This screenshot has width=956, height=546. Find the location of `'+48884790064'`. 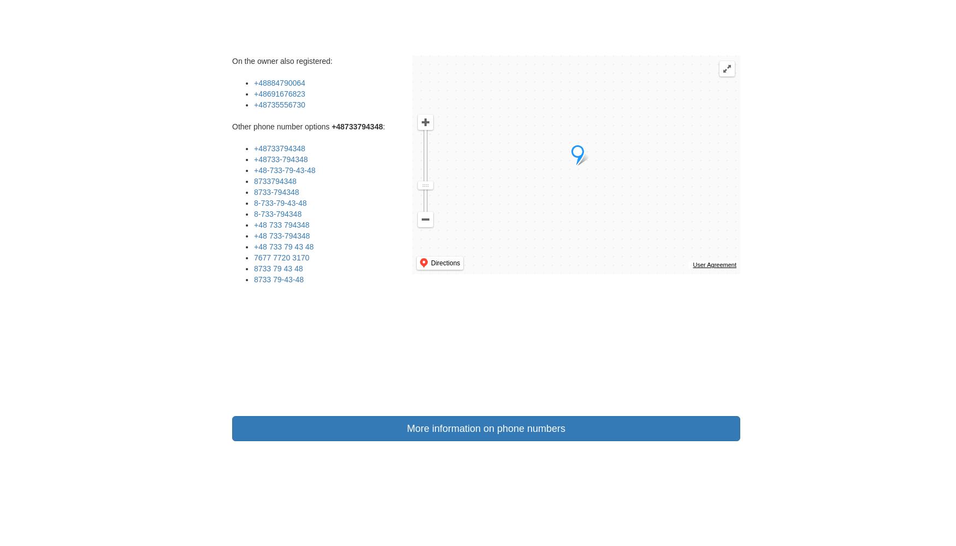

'+48884790064' is located at coordinates (279, 83).